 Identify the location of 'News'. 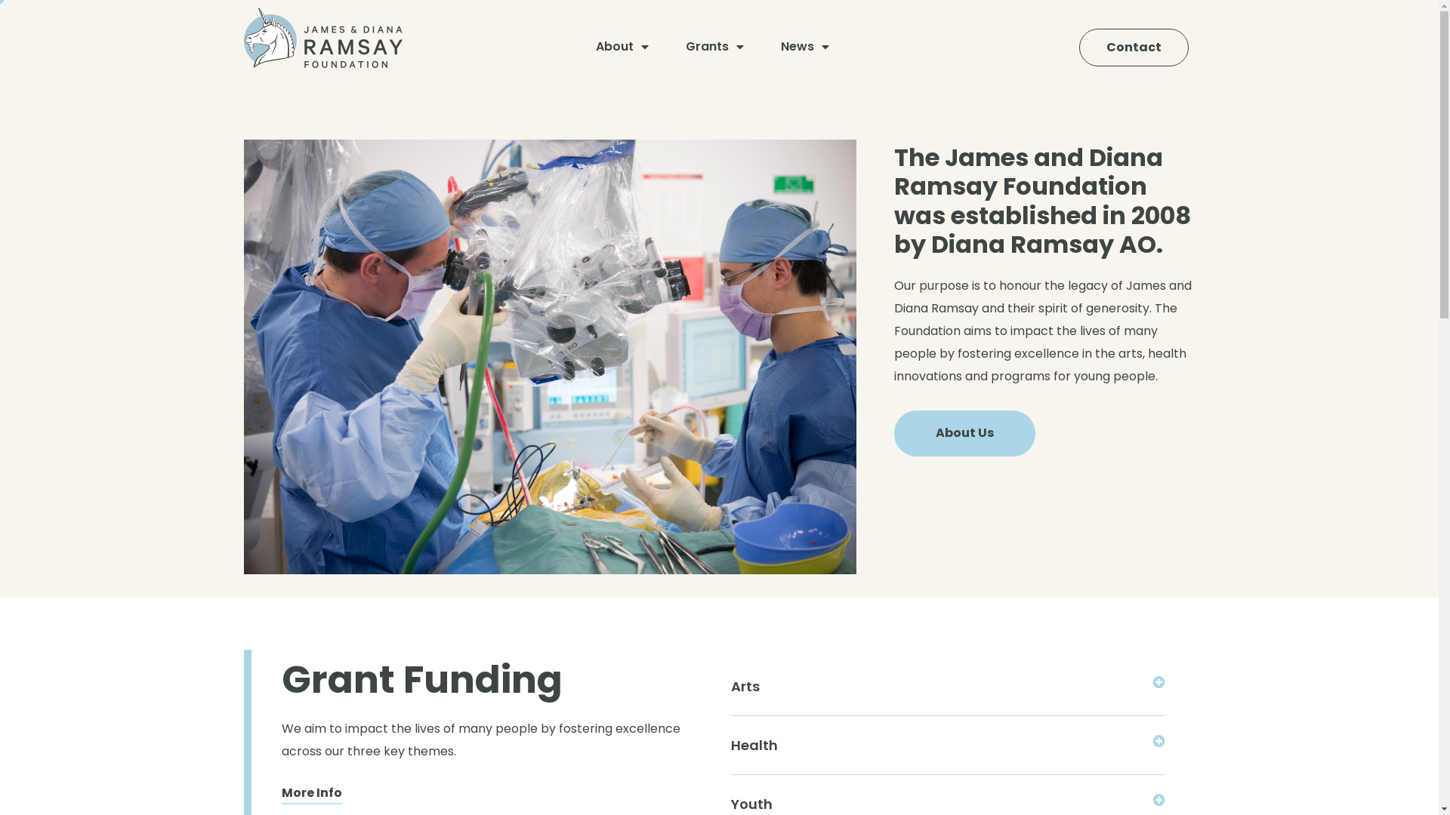
(804, 45).